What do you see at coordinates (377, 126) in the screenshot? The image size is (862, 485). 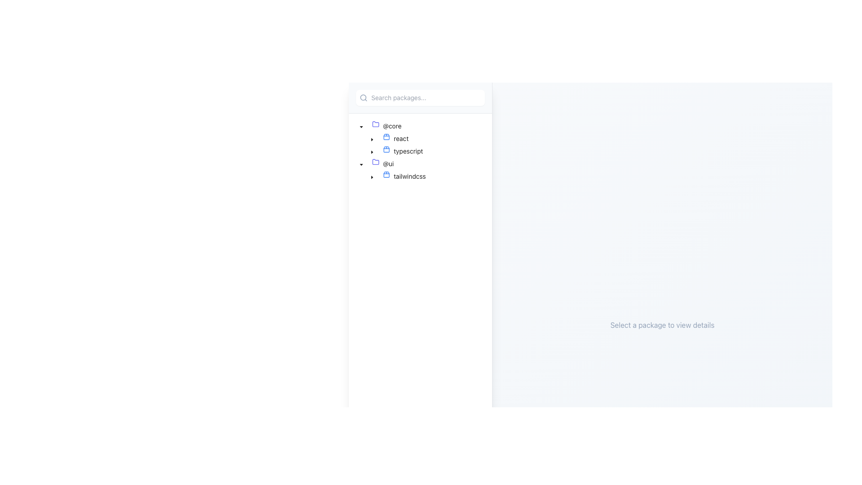 I see `the graphical folder icon with a blue outline, located to the left of the '@core' label in the tree-like menu structure` at bounding box center [377, 126].